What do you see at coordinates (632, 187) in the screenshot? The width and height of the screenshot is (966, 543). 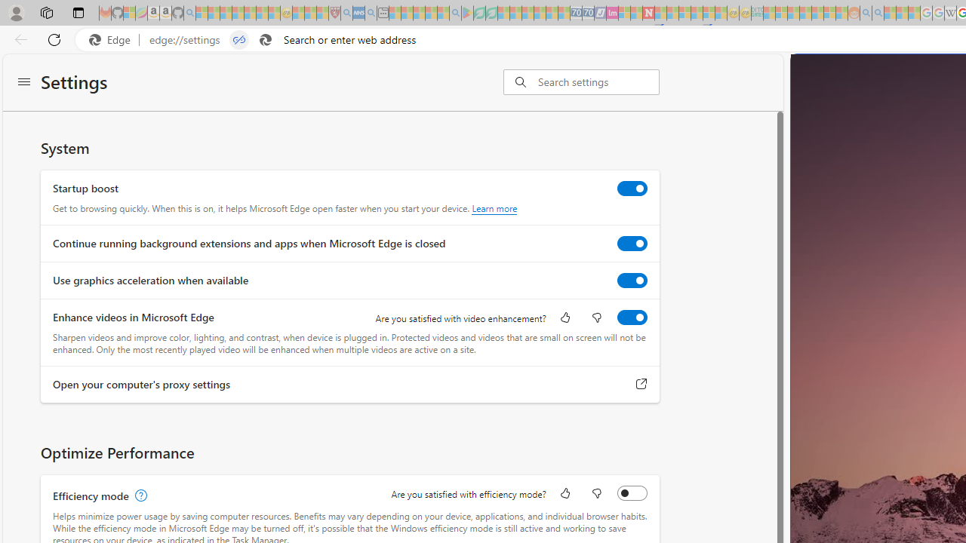 I see `'Startup boost'` at bounding box center [632, 187].